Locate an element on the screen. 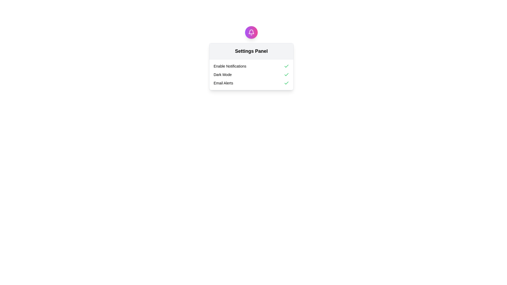  the 'Dark Mode' setting option in the settings panel is located at coordinates (251, 74).